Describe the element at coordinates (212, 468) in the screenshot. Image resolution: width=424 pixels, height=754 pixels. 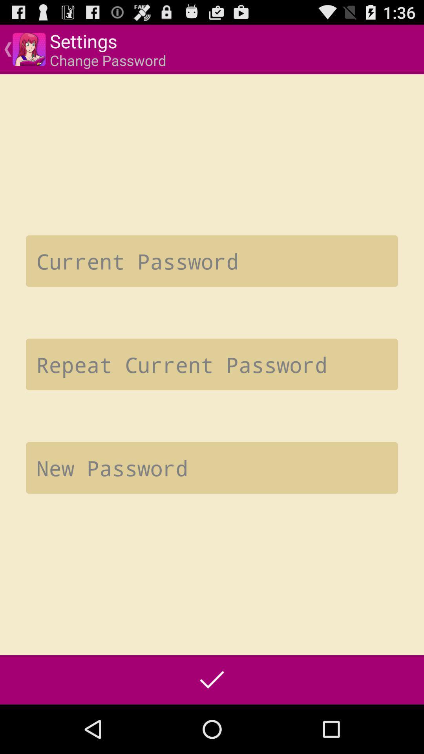
I see `password` at that location.